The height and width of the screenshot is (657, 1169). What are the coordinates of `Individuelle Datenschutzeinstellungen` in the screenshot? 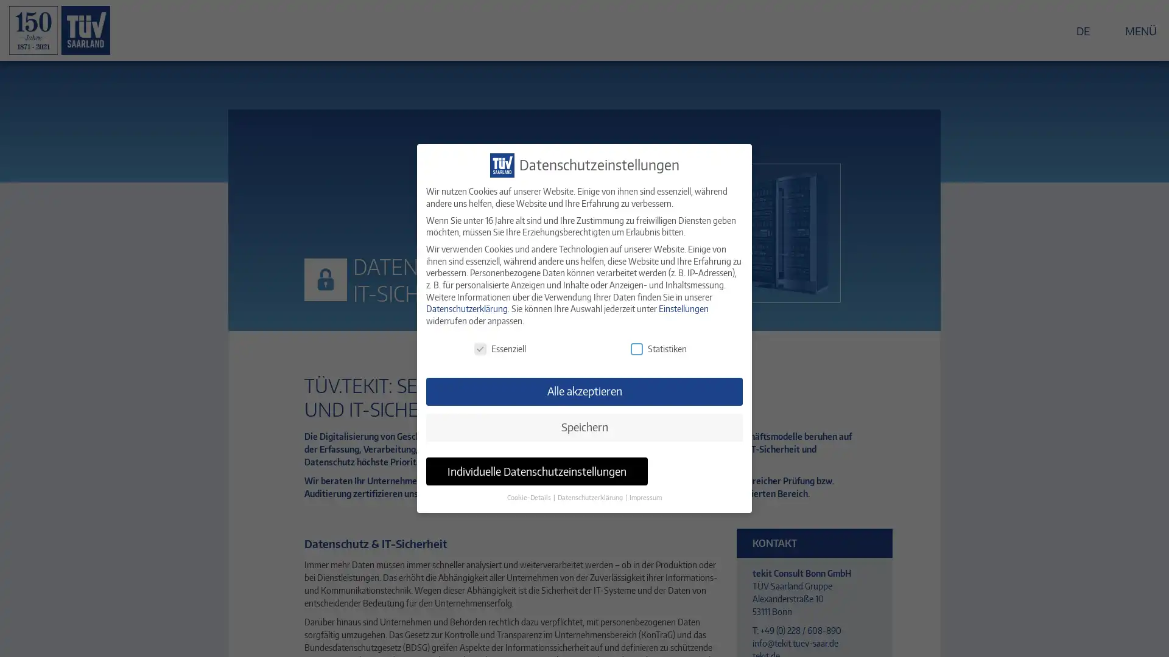 It's located at (536, 471).